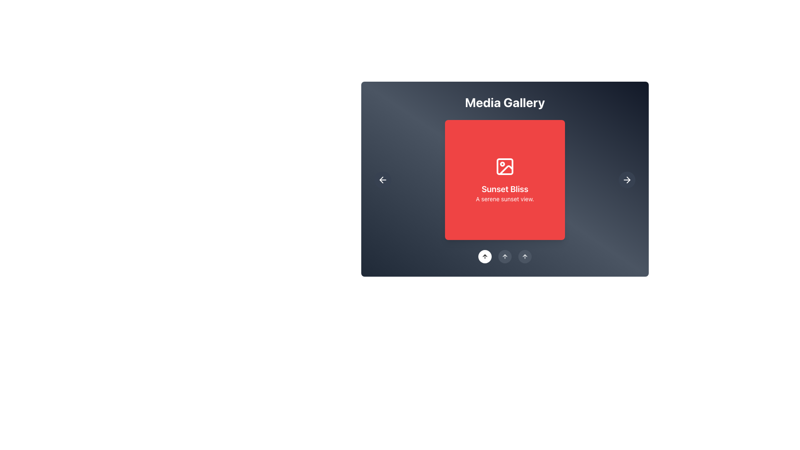 This screenshot has height=450, width=800. What do you see at coordinates (628, 180) in the screenshot?
I see `the arrow icon which is part of an SVG element serving as a navigation control to advance to the next item in a sequence or gallery` at bounding box center [628, 180].